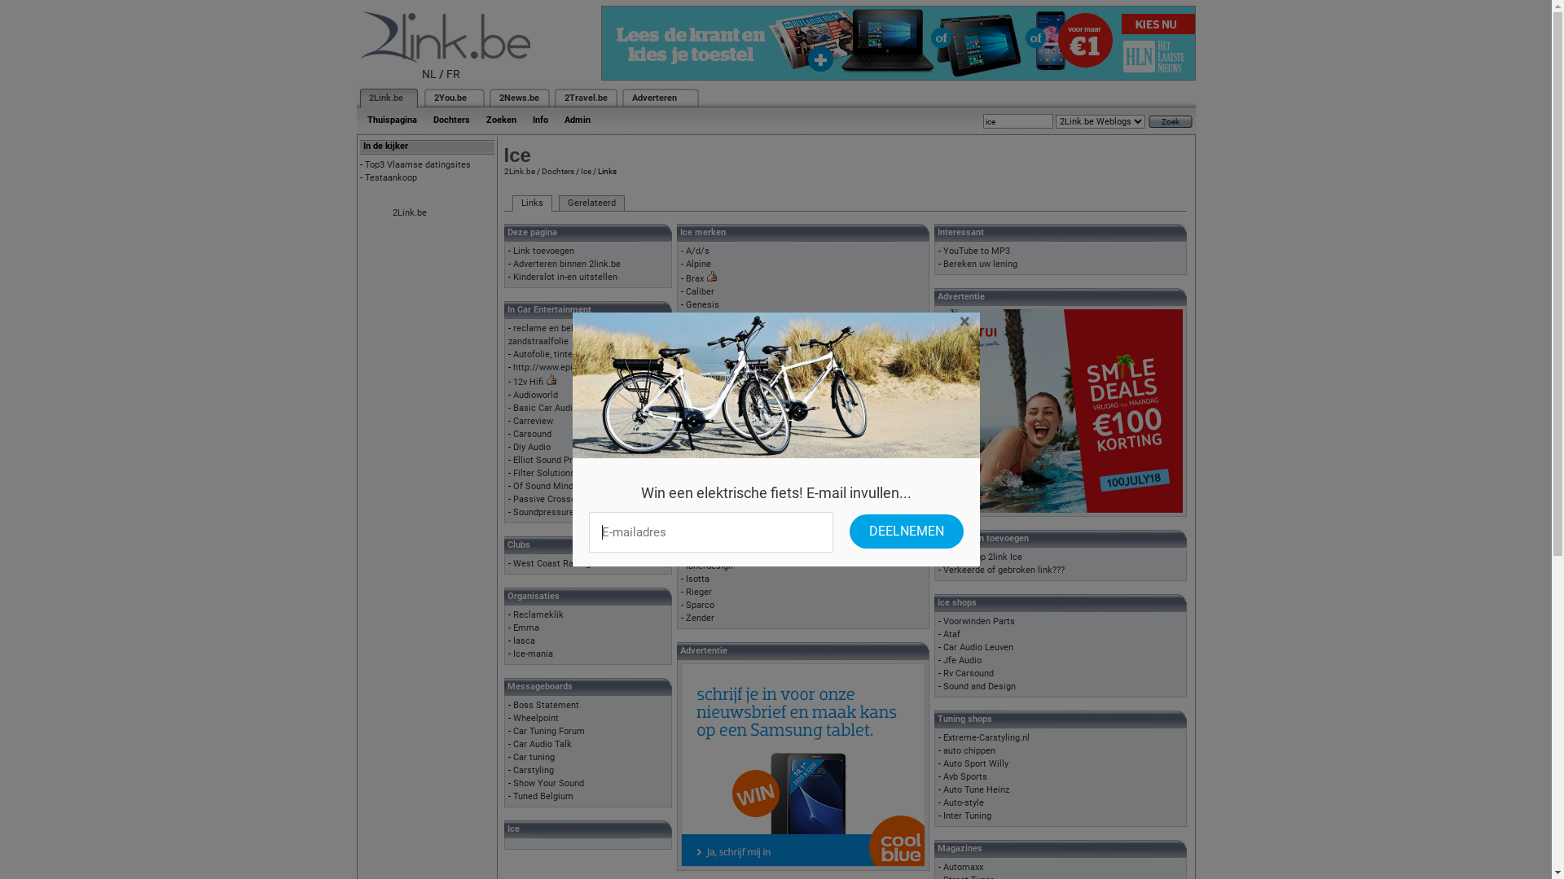 Image resolution: width=1564 pixels, height=879 pixels. I want to click on 'Zoeken', so click(499, 119).